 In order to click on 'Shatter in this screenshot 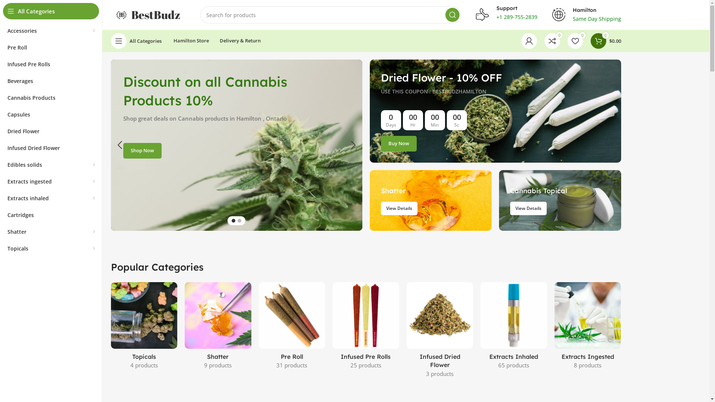, I will do `click(430, 200)`.